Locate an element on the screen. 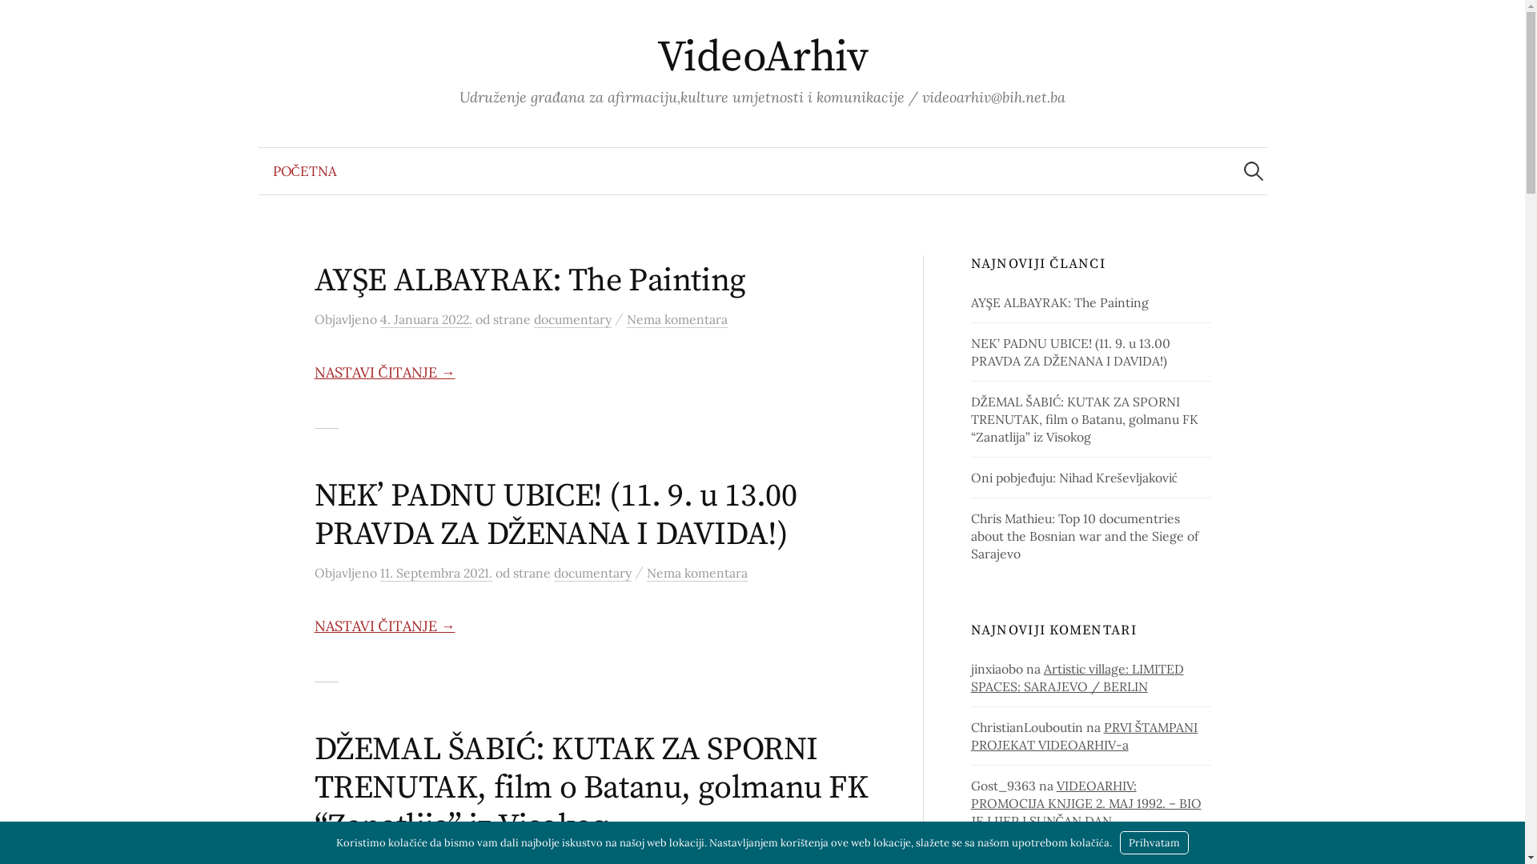 The image size is (1537, 864). 'Prihvatam' is located at coordinates (1154, 842).